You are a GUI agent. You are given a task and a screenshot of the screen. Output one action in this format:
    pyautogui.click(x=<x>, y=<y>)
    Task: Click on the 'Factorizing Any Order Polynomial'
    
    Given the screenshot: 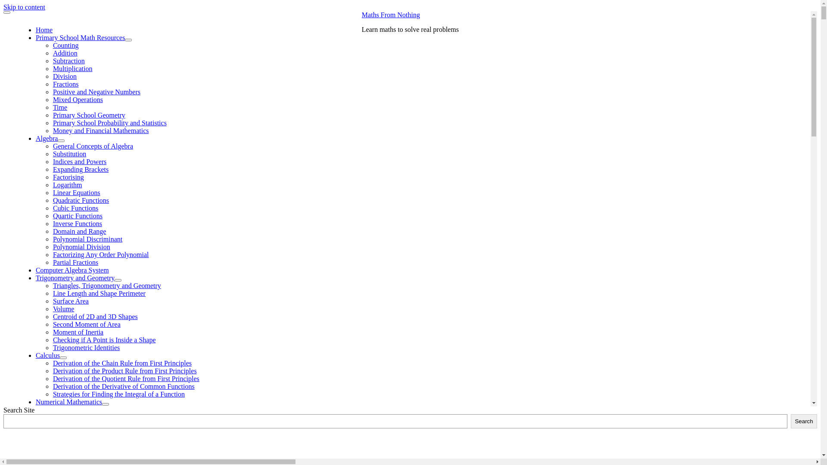 What is the action you would take?
    pyautogui.click(x=101, y=254)
    